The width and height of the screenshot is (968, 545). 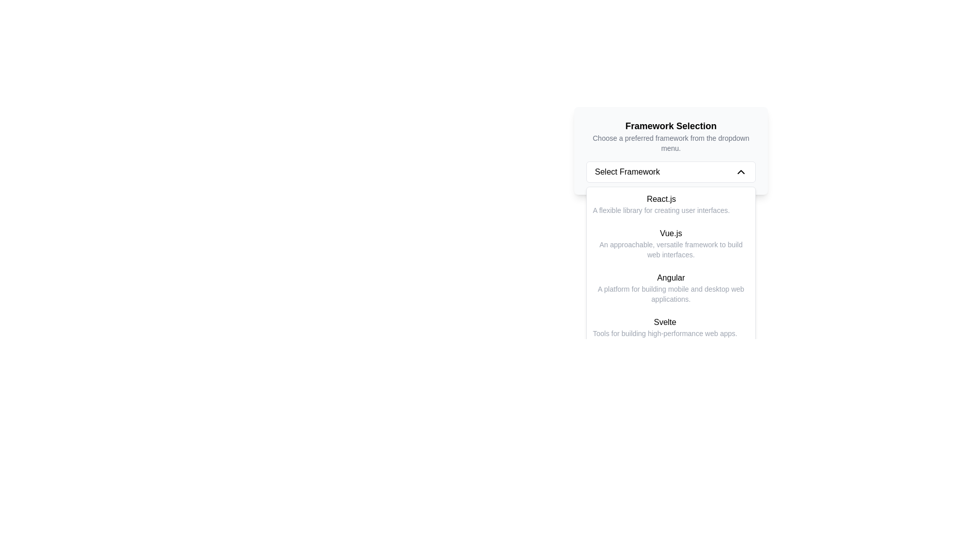 I want to click on the first selectable list item labeled 'React.js', so click(x=671, y=204).